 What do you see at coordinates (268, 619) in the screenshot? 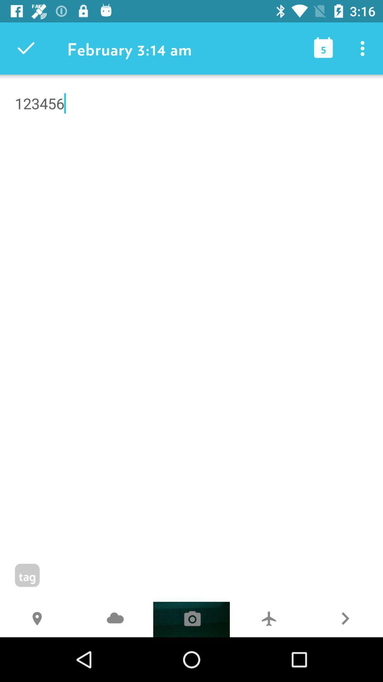
I see `the 7` at bounding box center [268, 619].